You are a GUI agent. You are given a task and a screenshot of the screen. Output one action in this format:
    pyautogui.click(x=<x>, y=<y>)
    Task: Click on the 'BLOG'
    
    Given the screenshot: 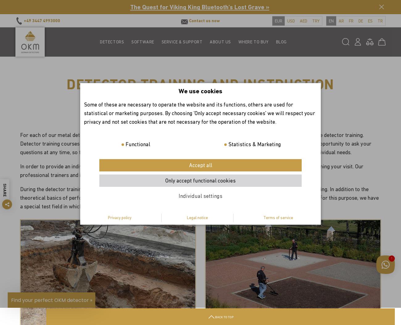 What is the action you would take?
    pyautogui.click(x=281, y=41)
    